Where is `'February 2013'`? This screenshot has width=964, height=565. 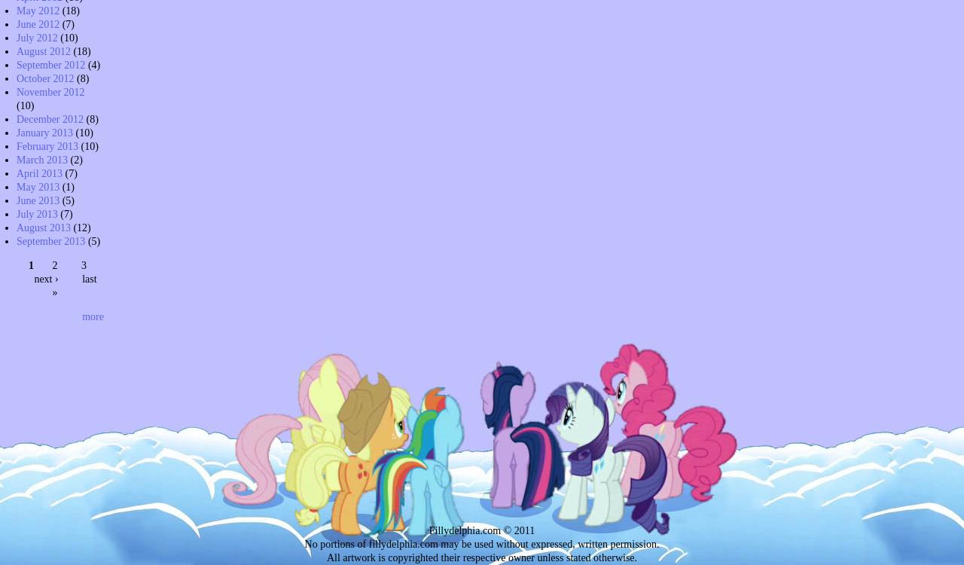 'February 2013' is located at coordinates (17, 145).